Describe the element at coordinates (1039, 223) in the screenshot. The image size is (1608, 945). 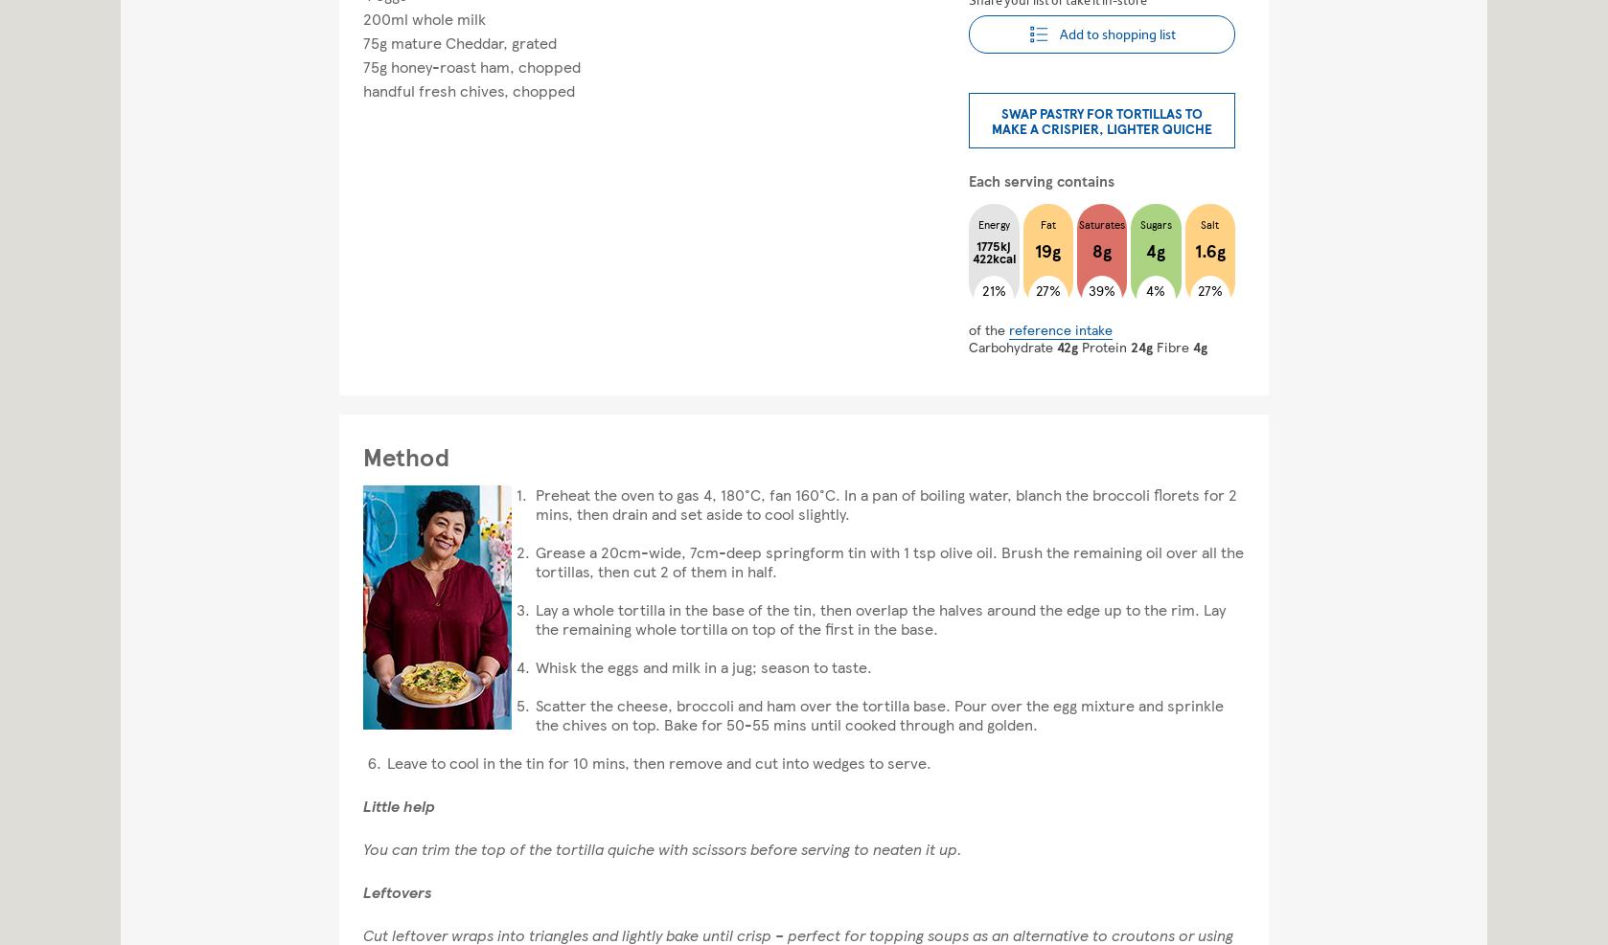
I see `'Fat'` at that location.